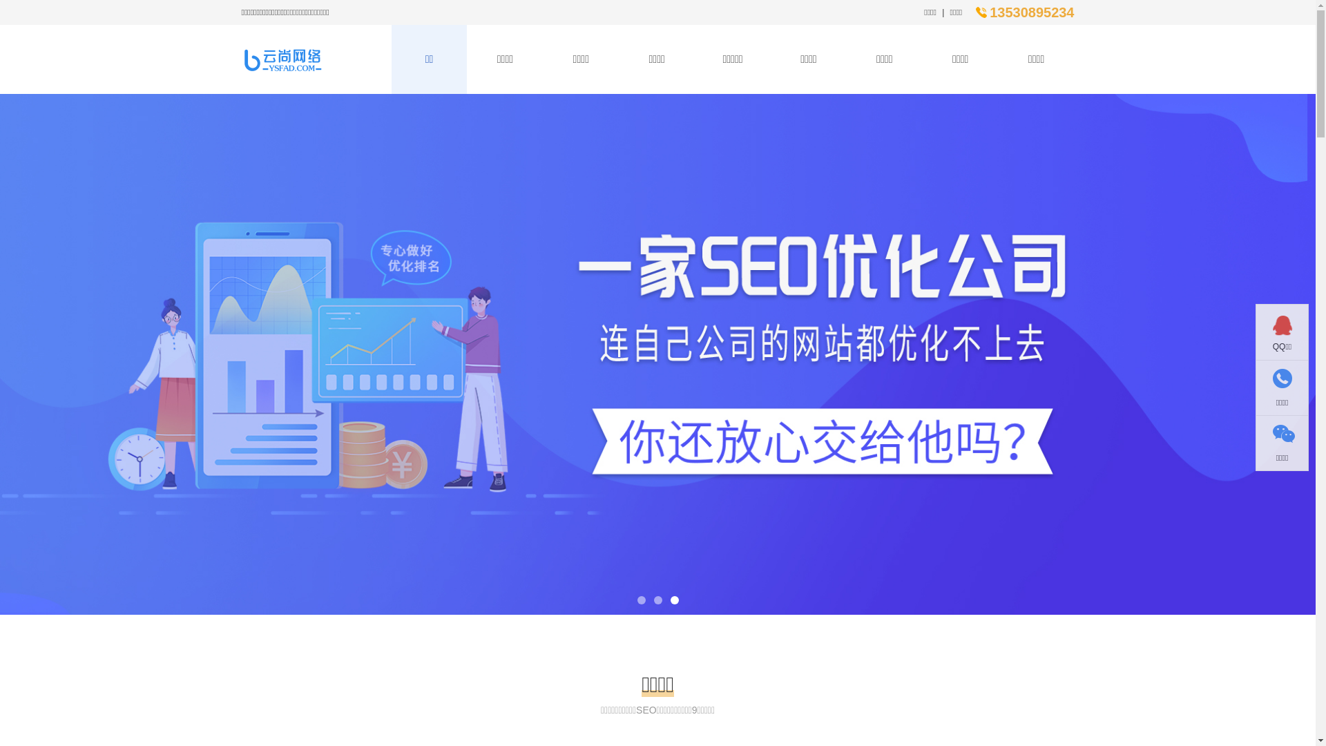 This screenshot has width=1326, height=746. Describe the element at coordinates (656, 599) in the screenshot. I see `'2'` at that location.